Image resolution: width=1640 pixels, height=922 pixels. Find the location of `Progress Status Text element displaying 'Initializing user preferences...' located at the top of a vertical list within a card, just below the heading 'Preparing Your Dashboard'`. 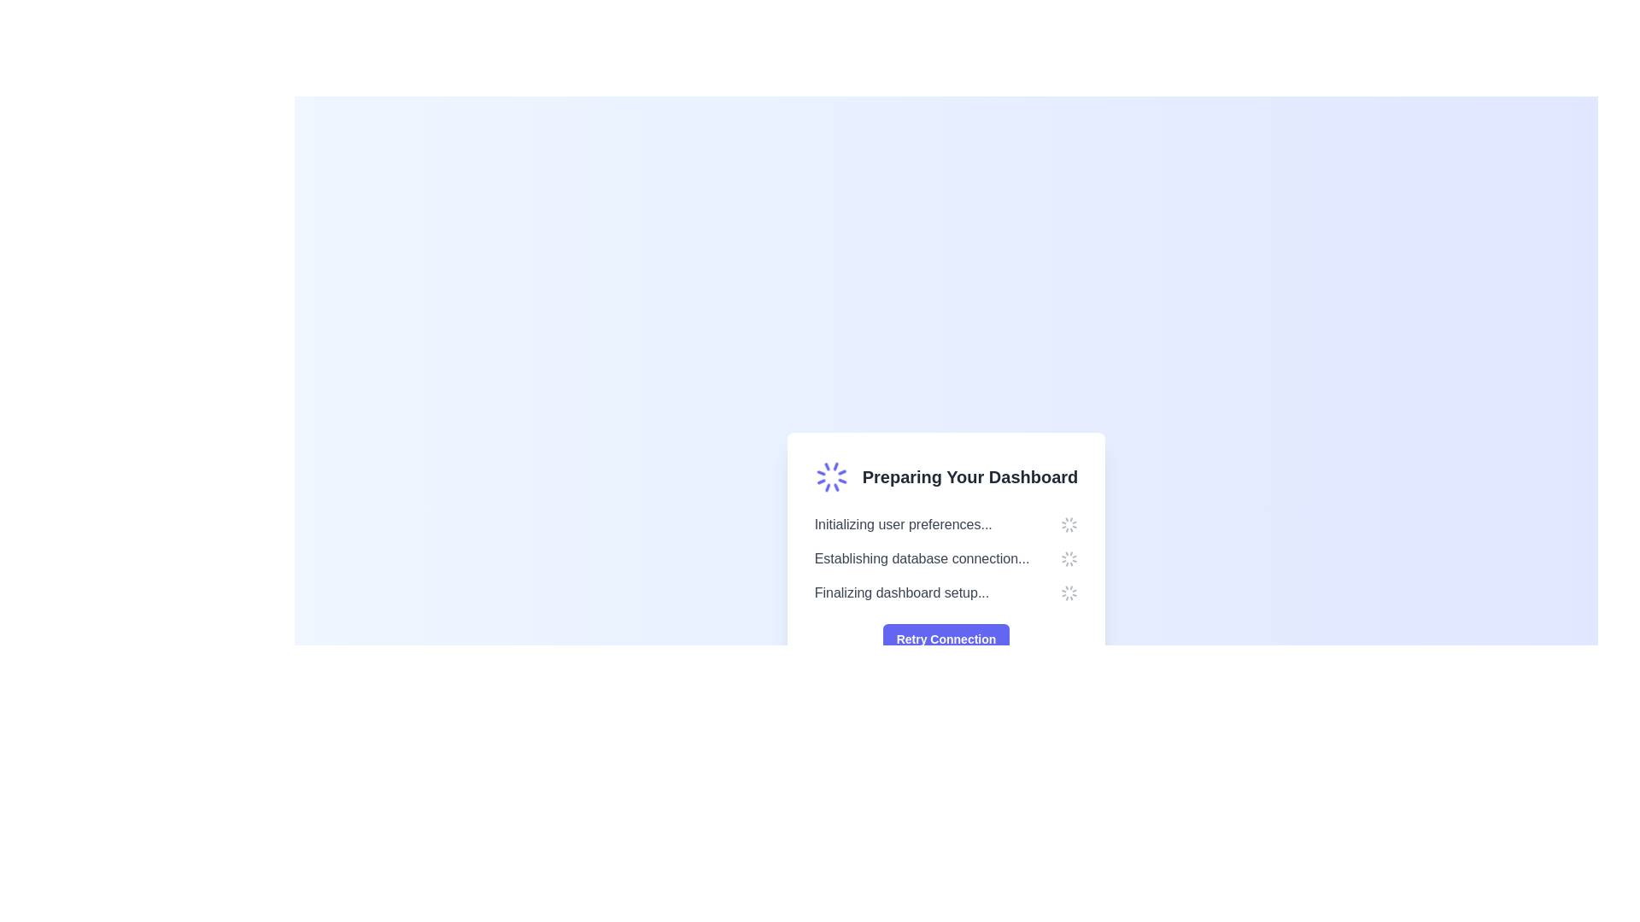

Progress Status Text element displaying 'Initializing user preferences...' located at the top of a vertical list within a card, just below the heading 'Preparing Your Dashboard' is located at coordinates (946, 523).